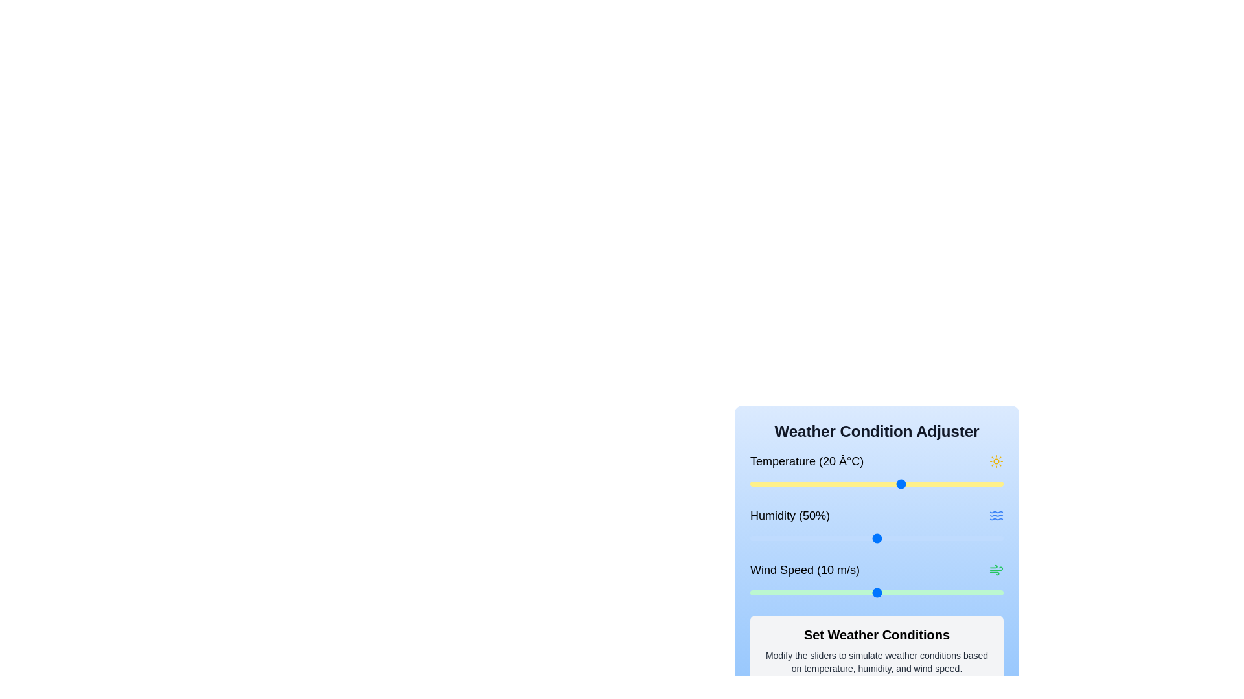 The image size is (1244, 699). Describe the element at coordinates (901, 484) in the screenshot. I see `the temperature slider to set the temperature to 20 degrees Celsius` at that location.